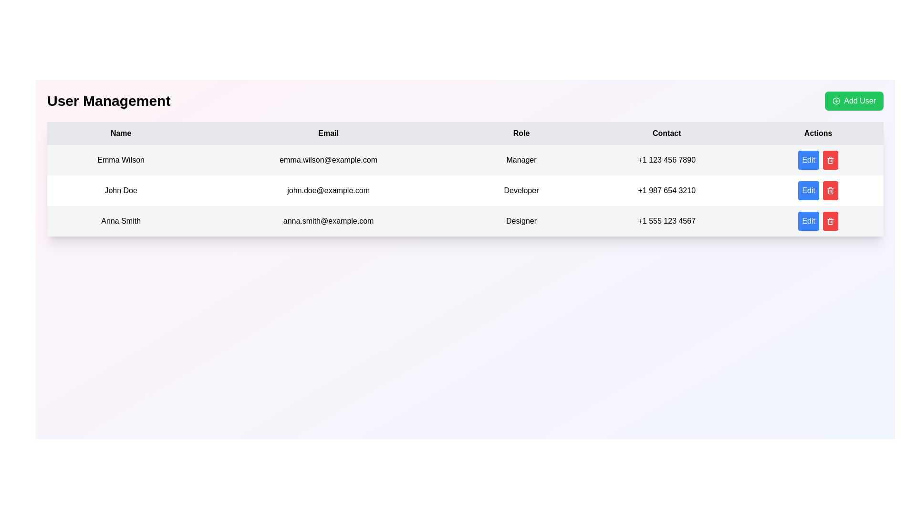 Image resolution: width=916 pixels, height=515 pixels. Describe the element at coordinates (818, 159) in the screenshot. I see `the red square button with a white trash can icon, which is the second button in the action options next to the blue 'Edit' button for user 'Emma Wilson'` at that location.